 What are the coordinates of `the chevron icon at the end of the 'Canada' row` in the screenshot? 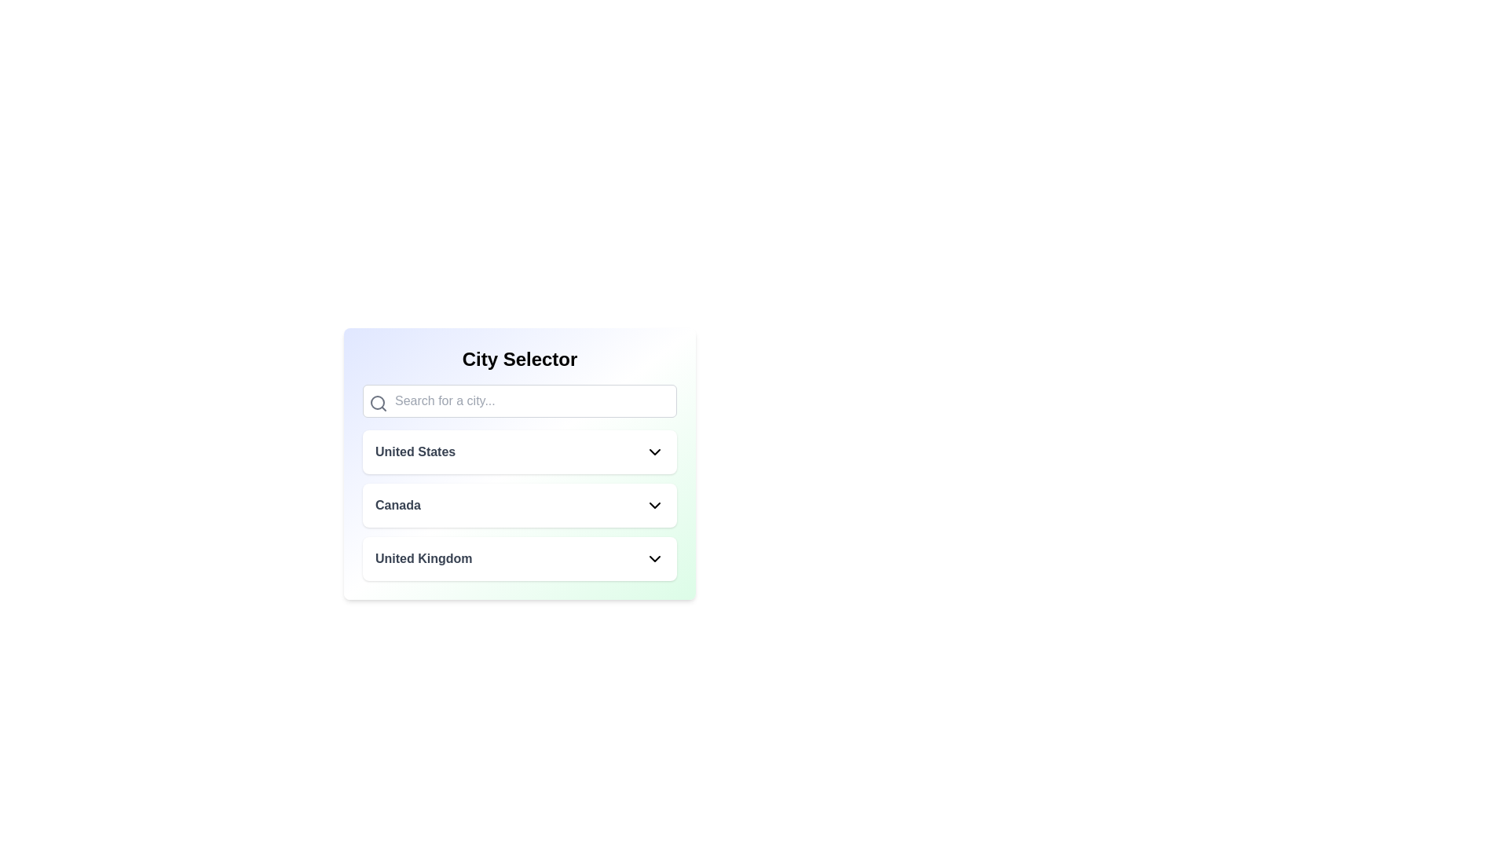 It's located at (655, 506).